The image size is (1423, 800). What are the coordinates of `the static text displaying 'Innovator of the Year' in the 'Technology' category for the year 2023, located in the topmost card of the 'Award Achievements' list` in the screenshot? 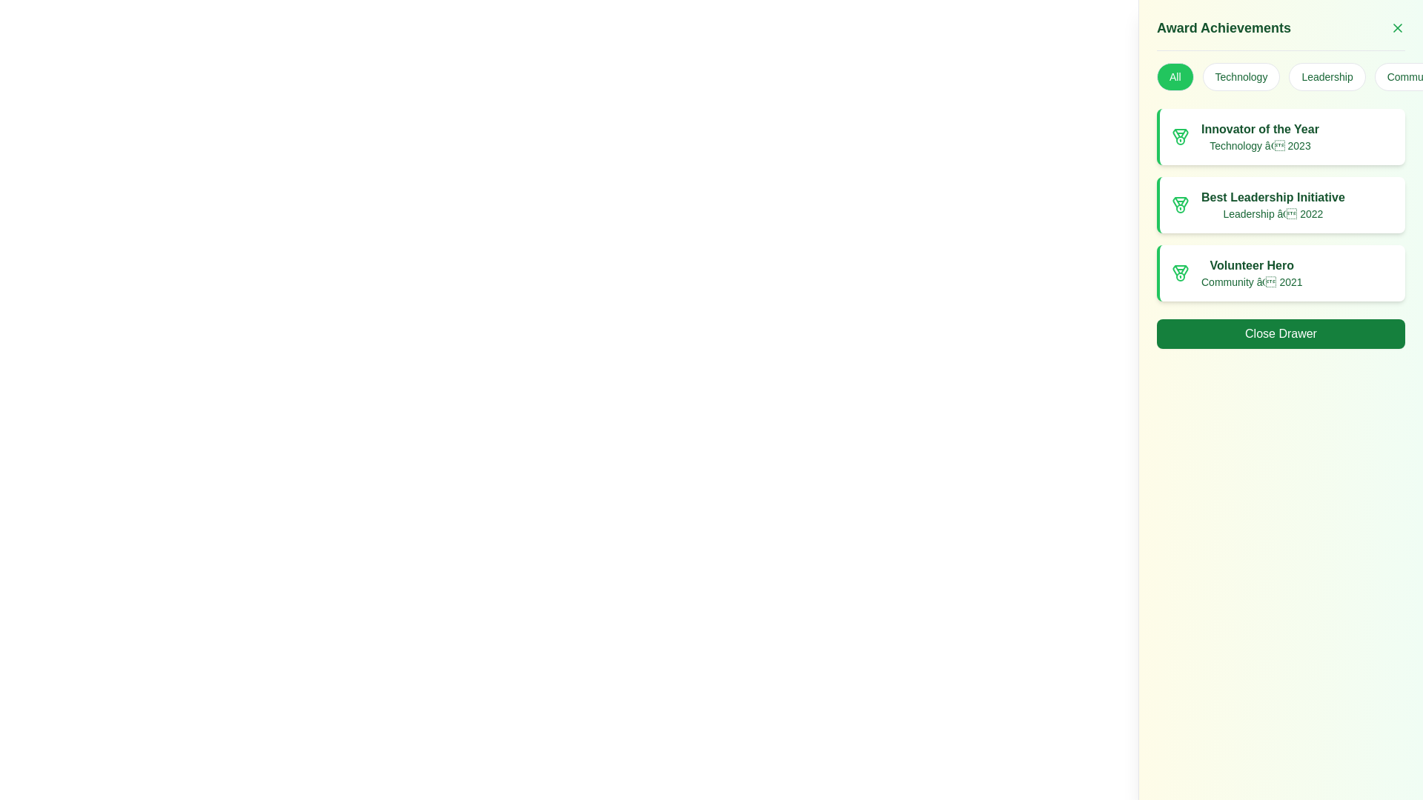 It's located at (1259, 137).